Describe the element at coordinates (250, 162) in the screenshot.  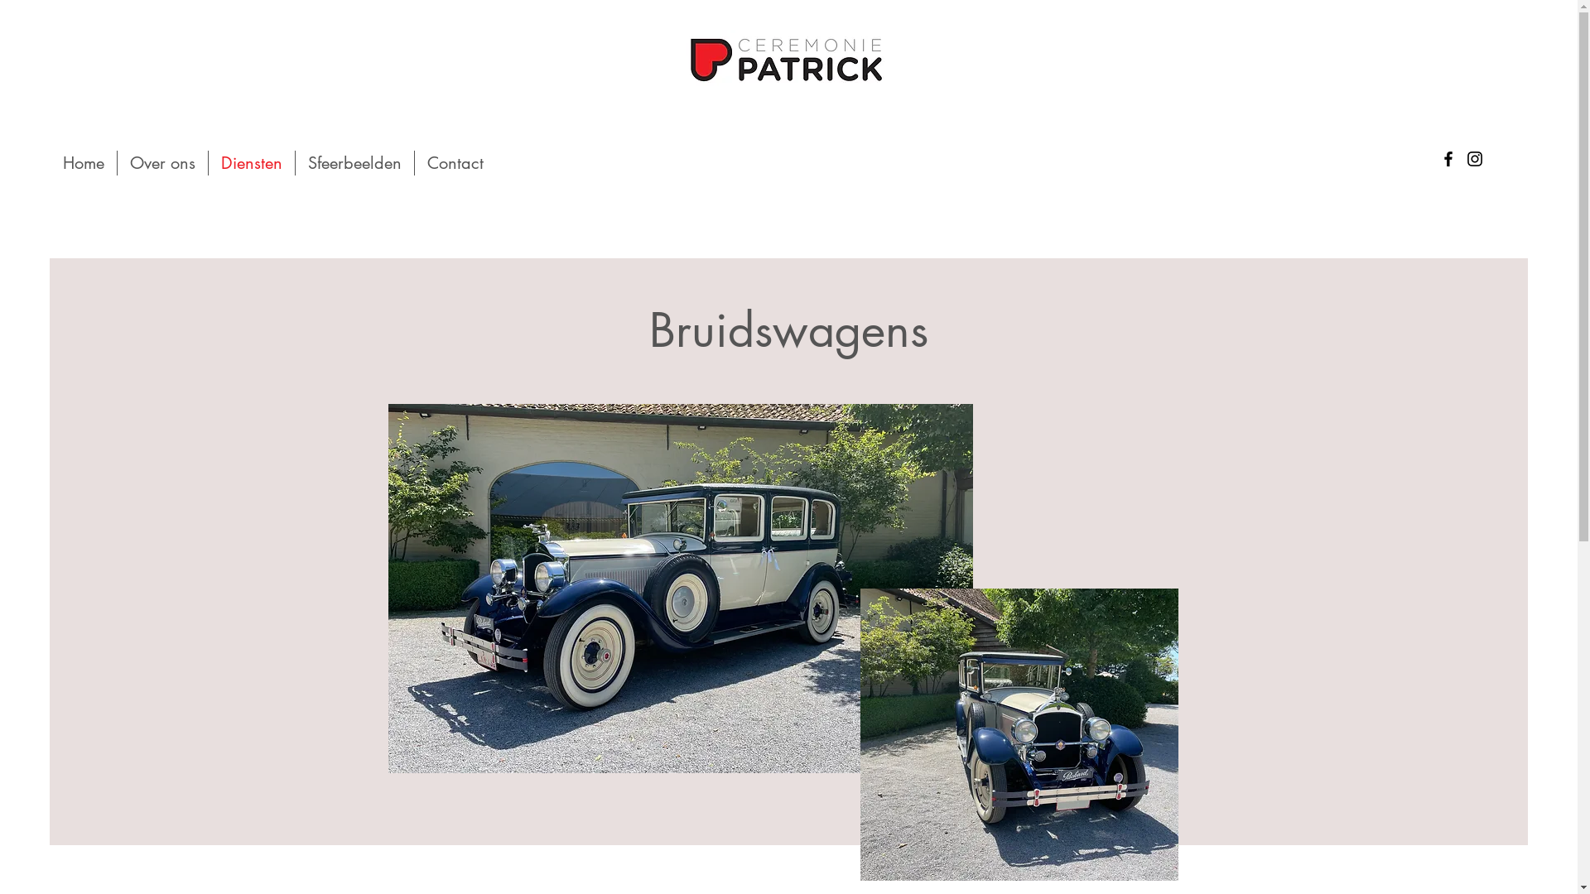
I see `'Diensten'` at that location.